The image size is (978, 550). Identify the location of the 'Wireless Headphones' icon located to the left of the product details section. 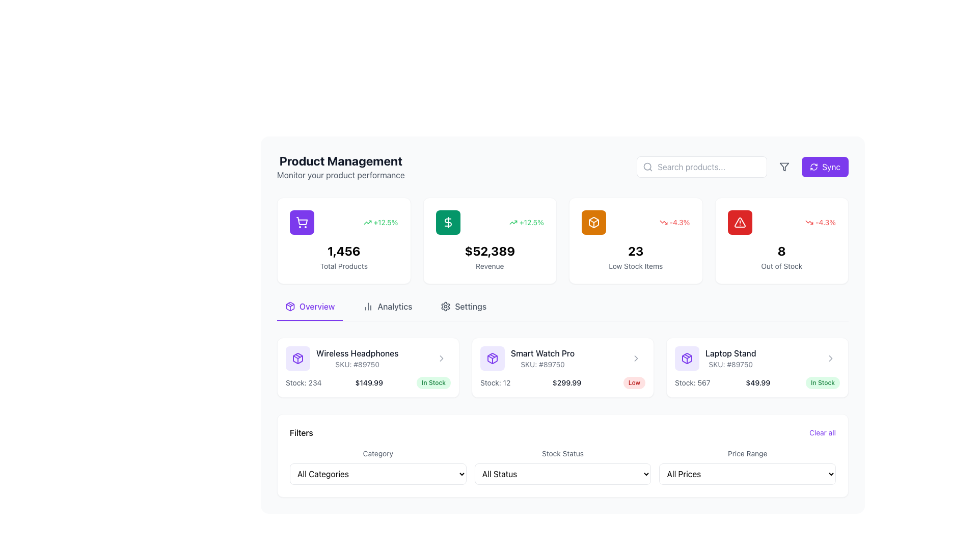
(297, 358).